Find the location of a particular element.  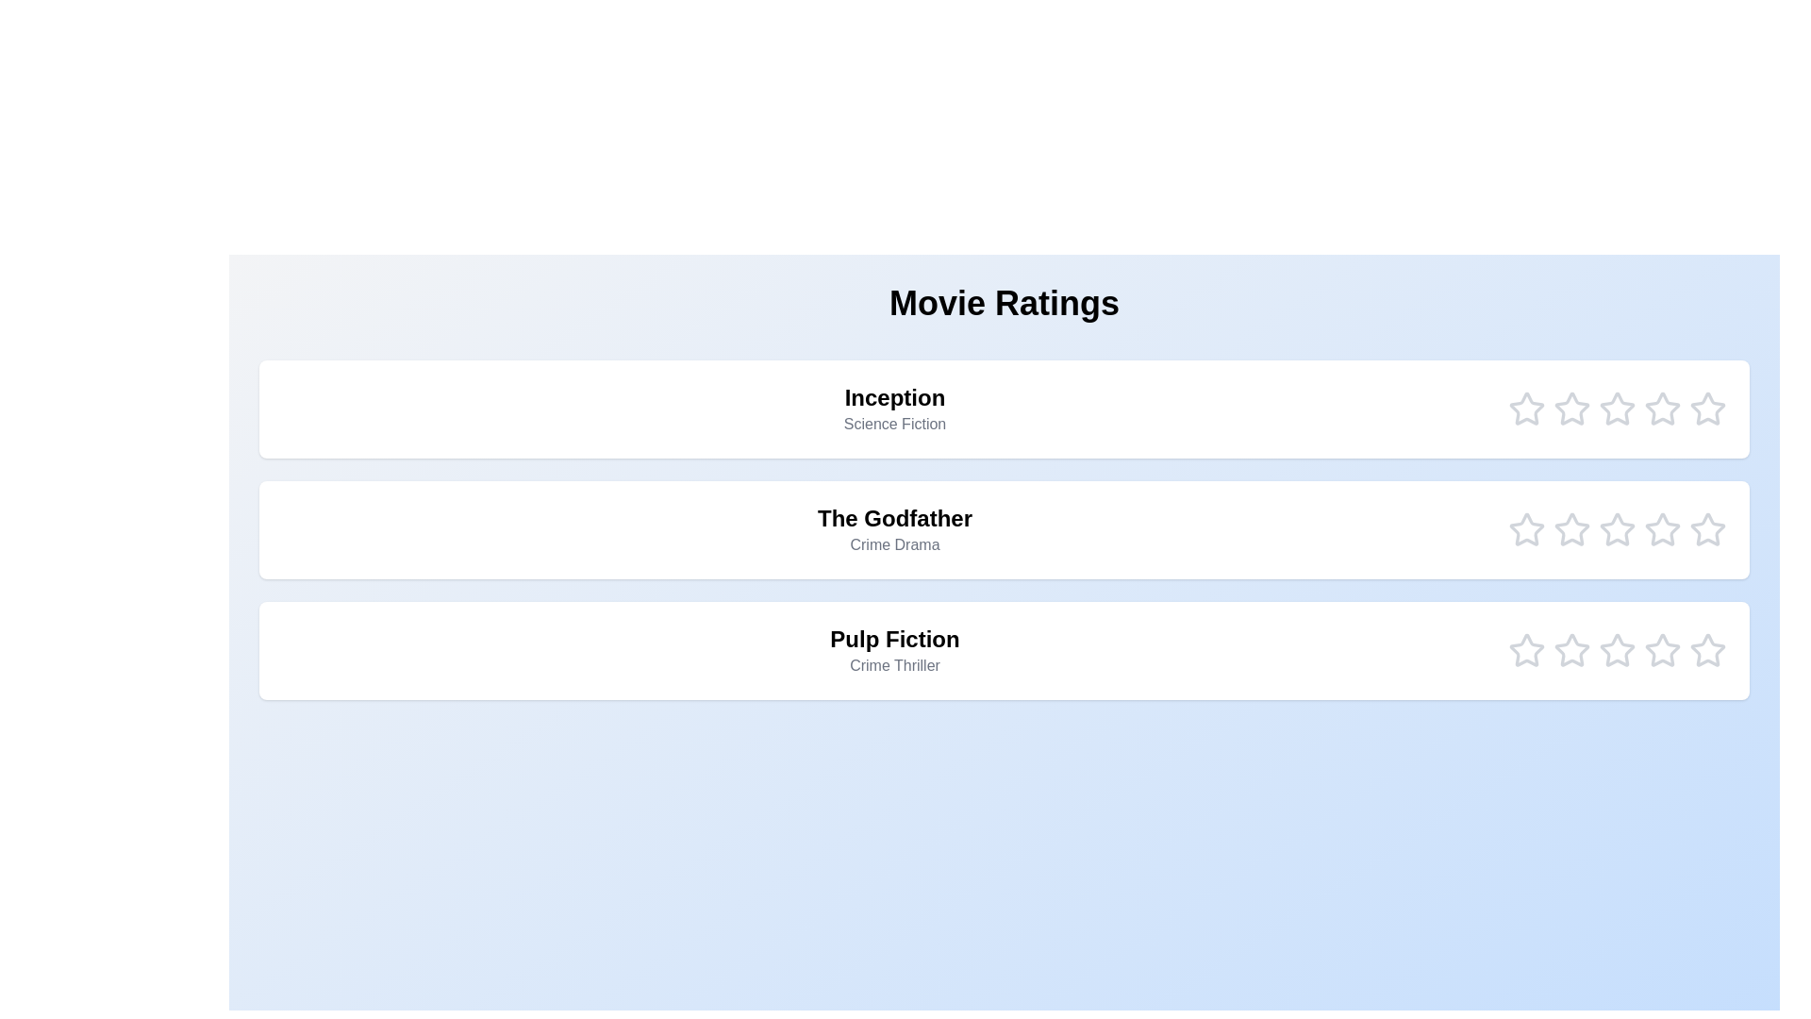

the 'Movie Ratings' header and read its text content is located at coordinates (1004, 302).